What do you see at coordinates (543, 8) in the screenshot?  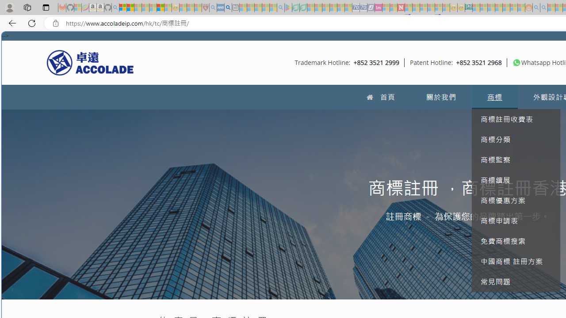 I see `'Utah sues federal government - Search - Sleeping'` at bounding box center [543, 8].